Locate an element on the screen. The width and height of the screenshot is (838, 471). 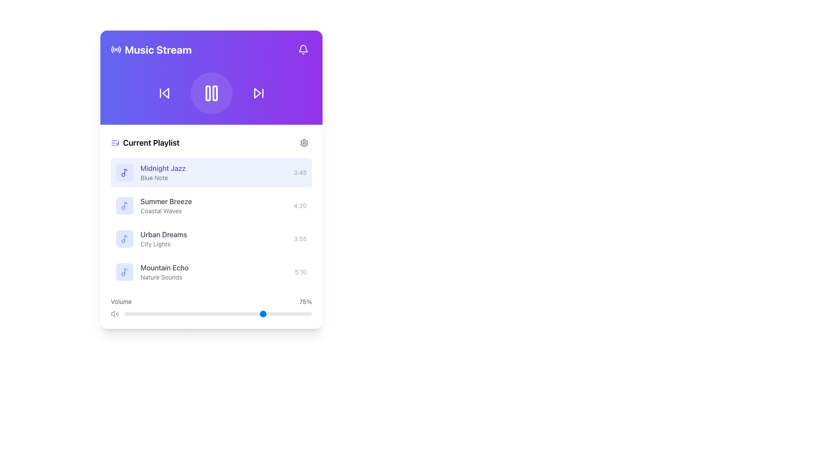
the decorative icon representing the music track 'Urban Dreams' located at the beginning of the third music item in the 'Current Playlist' section is located at coordinates (124, 239).